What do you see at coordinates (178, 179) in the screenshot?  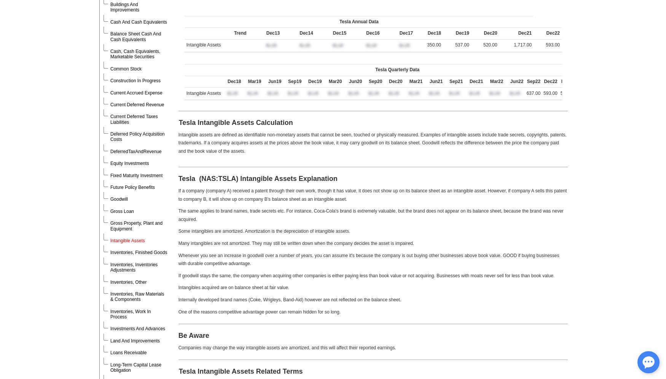 I see `'Tesla  (NAS:TSLA)'` at bounding box center [178, 179].